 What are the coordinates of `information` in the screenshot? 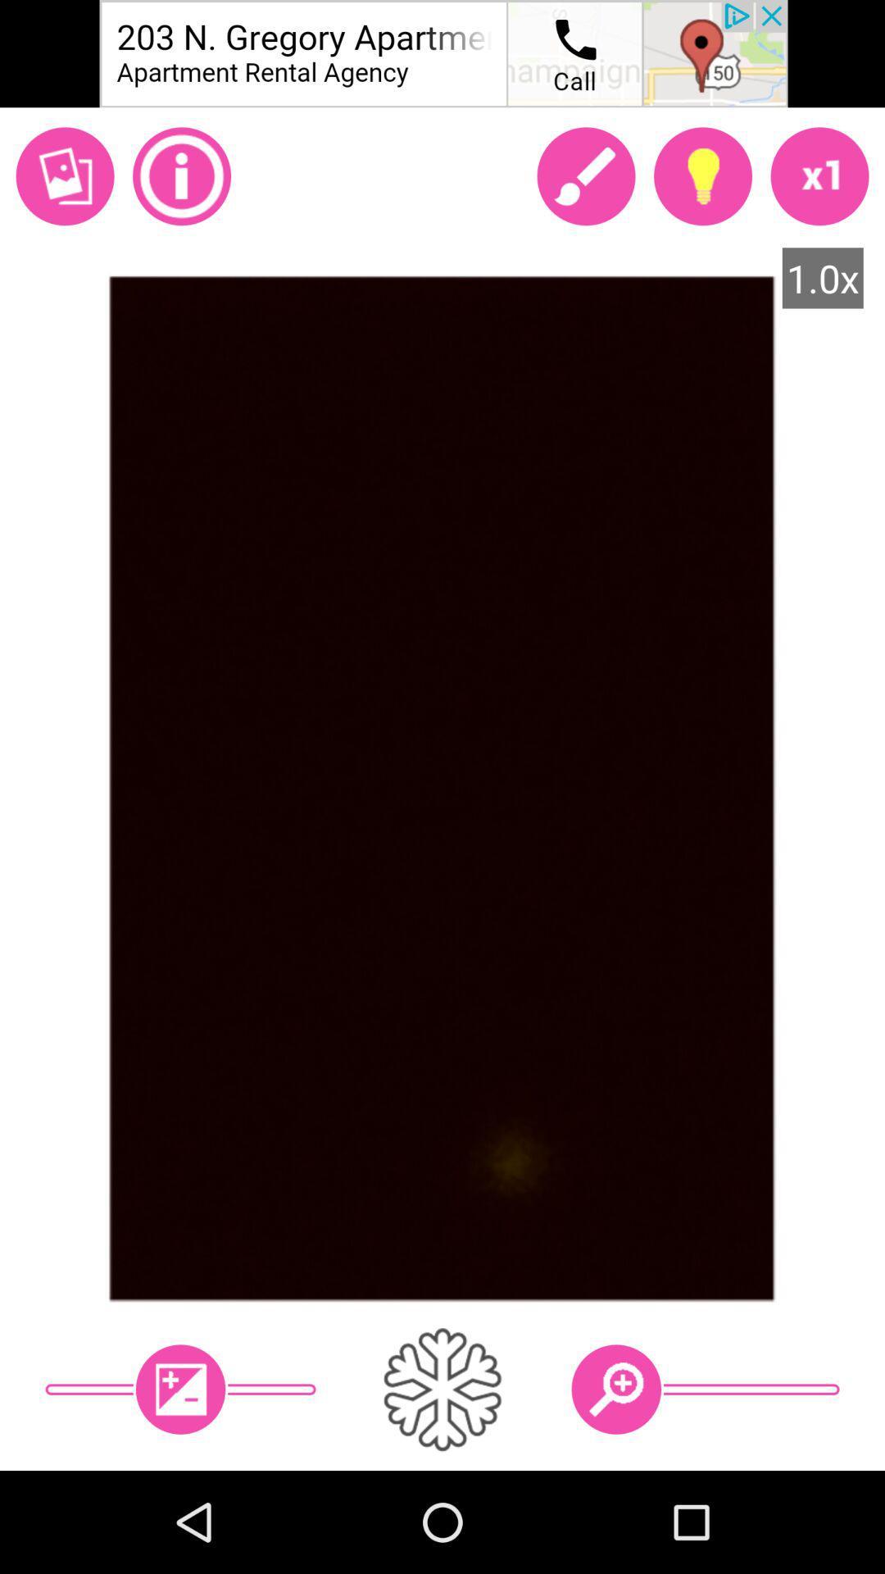 It's located at (182, 176).